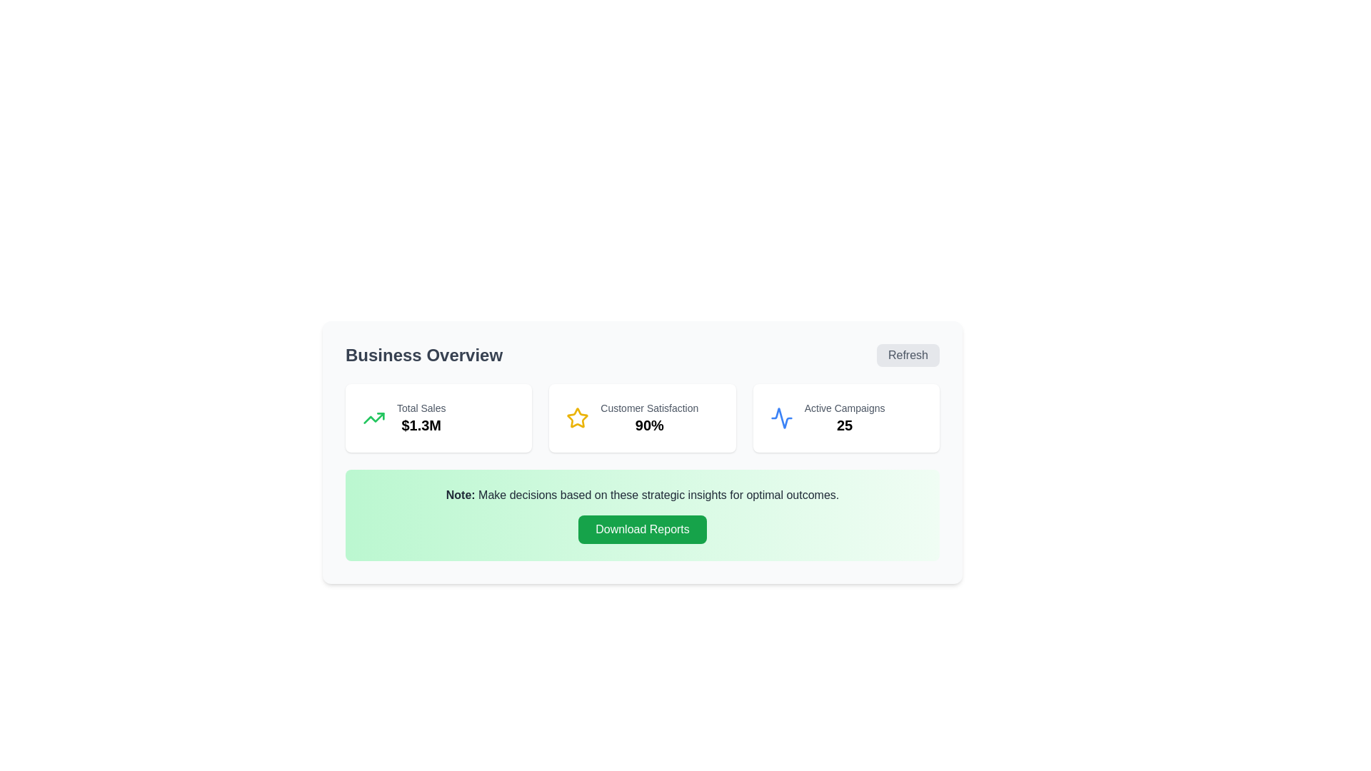 The width and height of the screenshot is (1371, 771). I want to click on static text label element that displays 'Total Sales', which is located above the '$1.3M' value in the sales card within the 'Business Overview' section, so click(421, 408).